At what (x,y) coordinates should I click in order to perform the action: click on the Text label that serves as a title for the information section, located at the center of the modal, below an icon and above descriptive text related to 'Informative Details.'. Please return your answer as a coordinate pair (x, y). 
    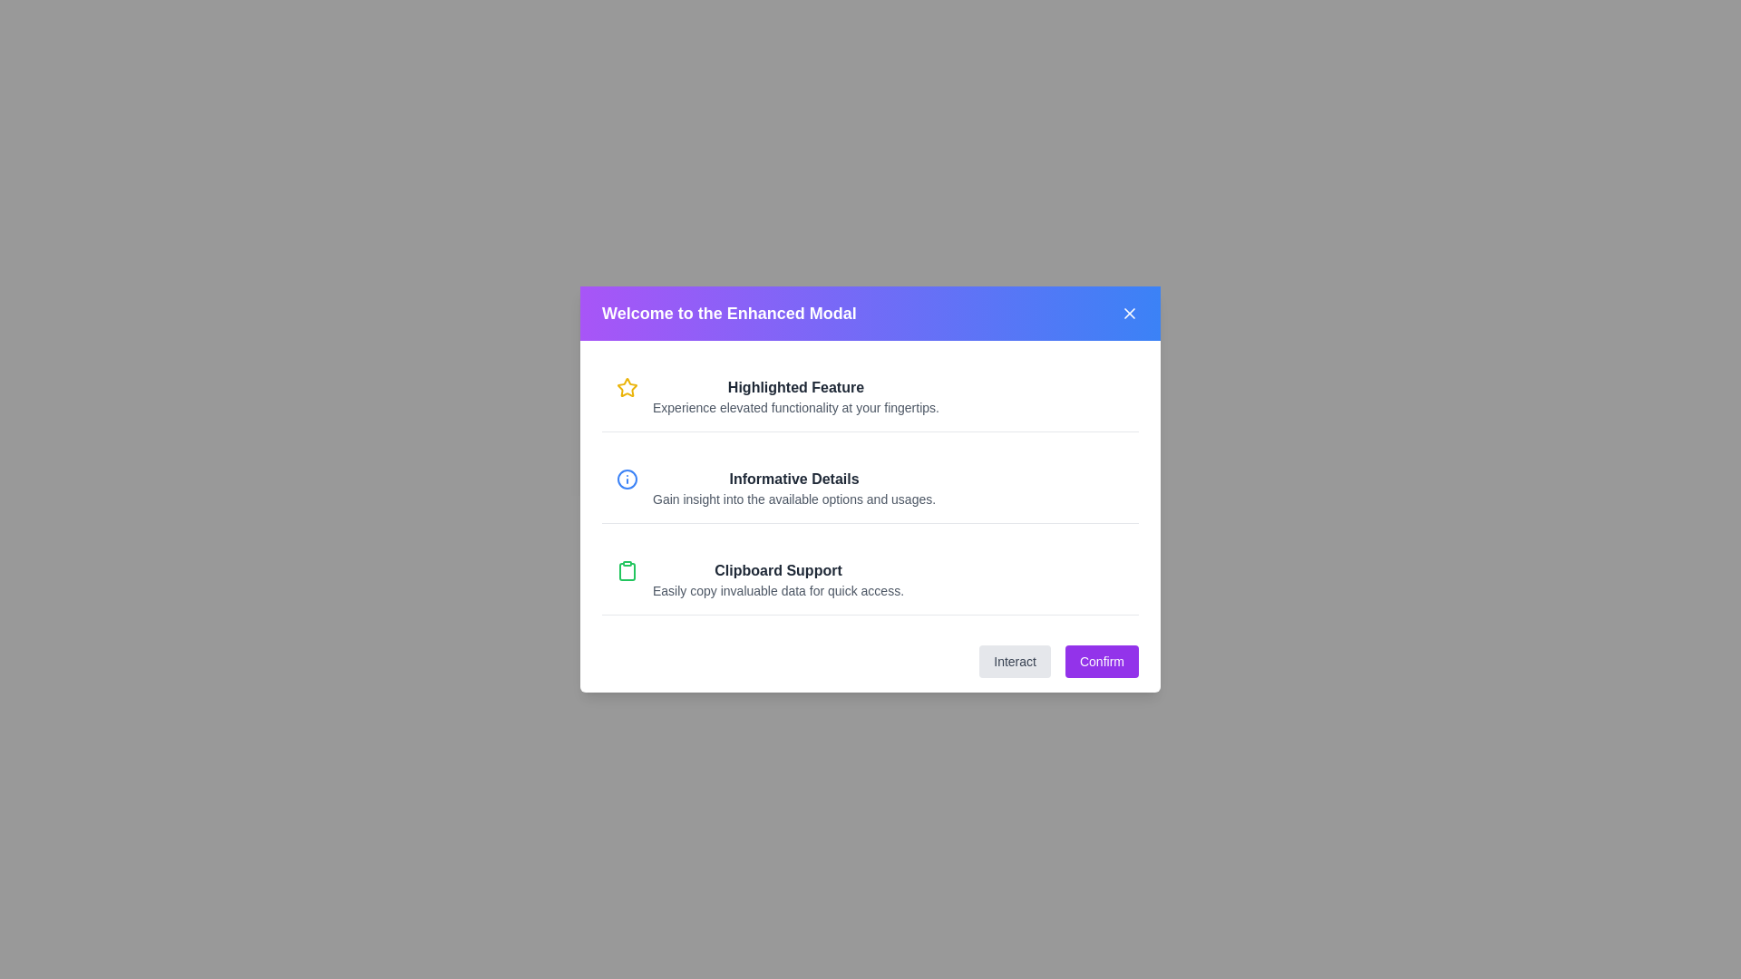
    Looking at the image, I should click on (794, 478).